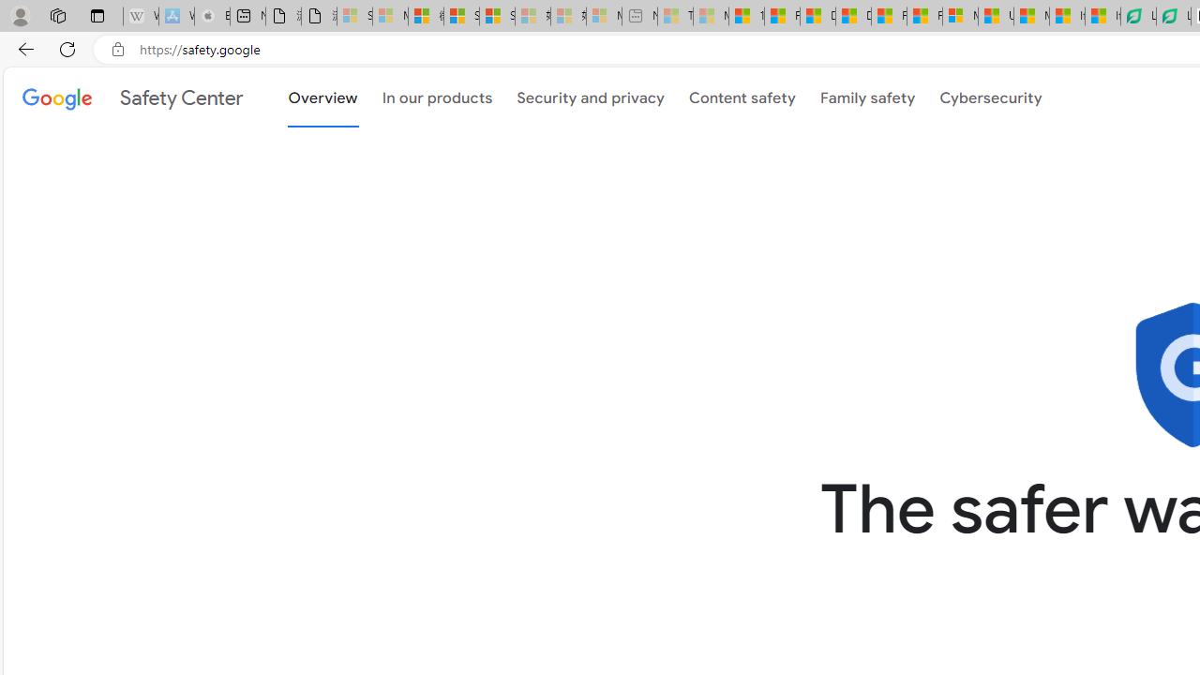  Describe the element at coordinates (436, 96) in the screenshot. I see `'In our products'` at that location.